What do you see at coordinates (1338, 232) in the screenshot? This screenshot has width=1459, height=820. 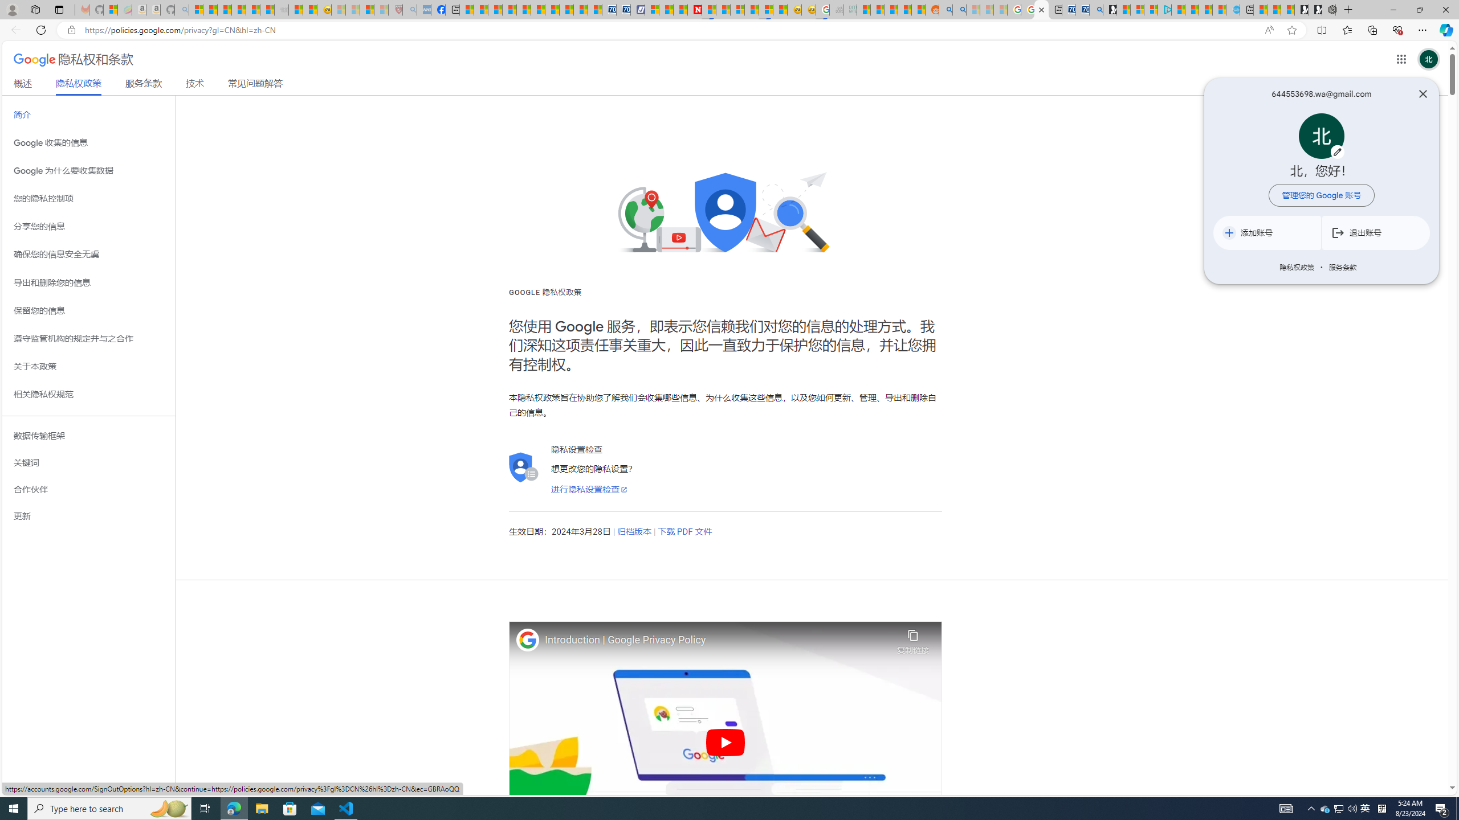 I see `'Class:  NMm5M'` at bounding box center [1338, 232].